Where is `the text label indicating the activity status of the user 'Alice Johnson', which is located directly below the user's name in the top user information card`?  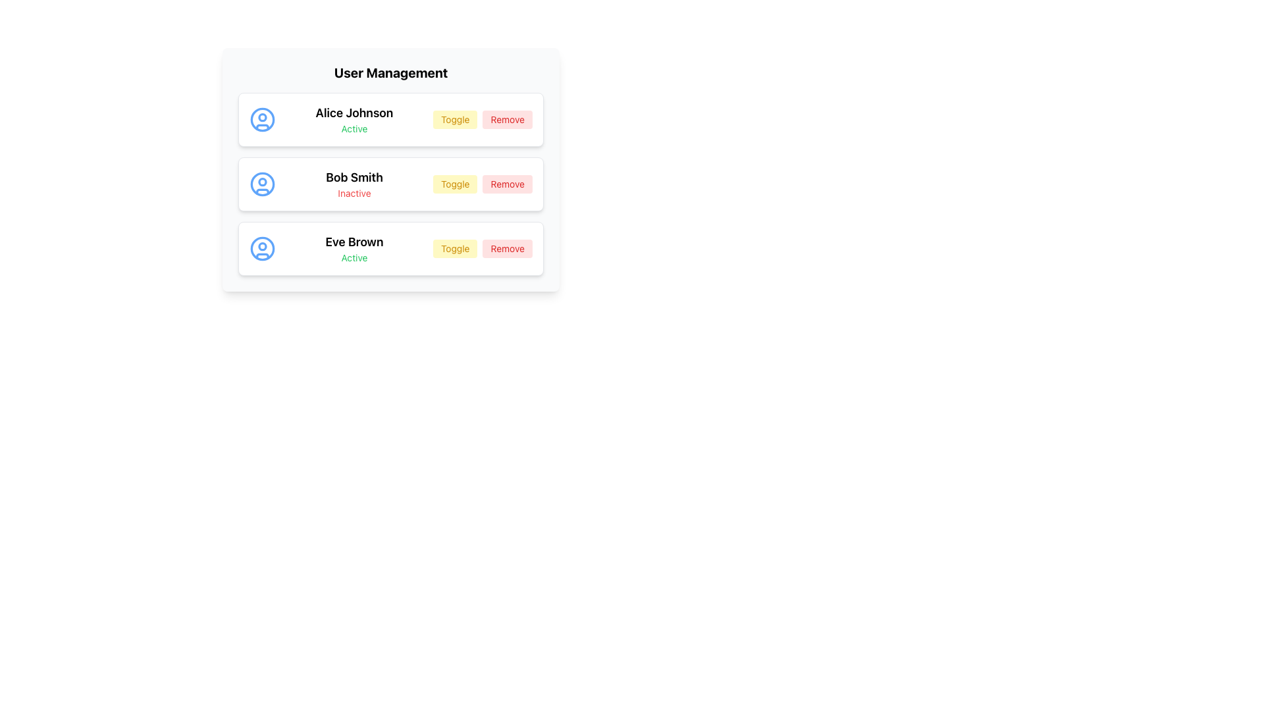 the text label indicating the activity status of the user 'Alice Johnson', which is located directly below the user's name in the top user information card is located at coordinates (354, 129).